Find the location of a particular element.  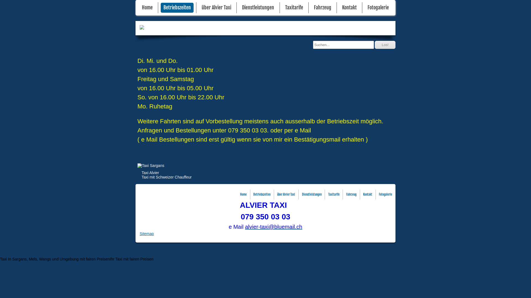

'alvier-taxi@bluemail.ch' is located at coordinates (274, 227).